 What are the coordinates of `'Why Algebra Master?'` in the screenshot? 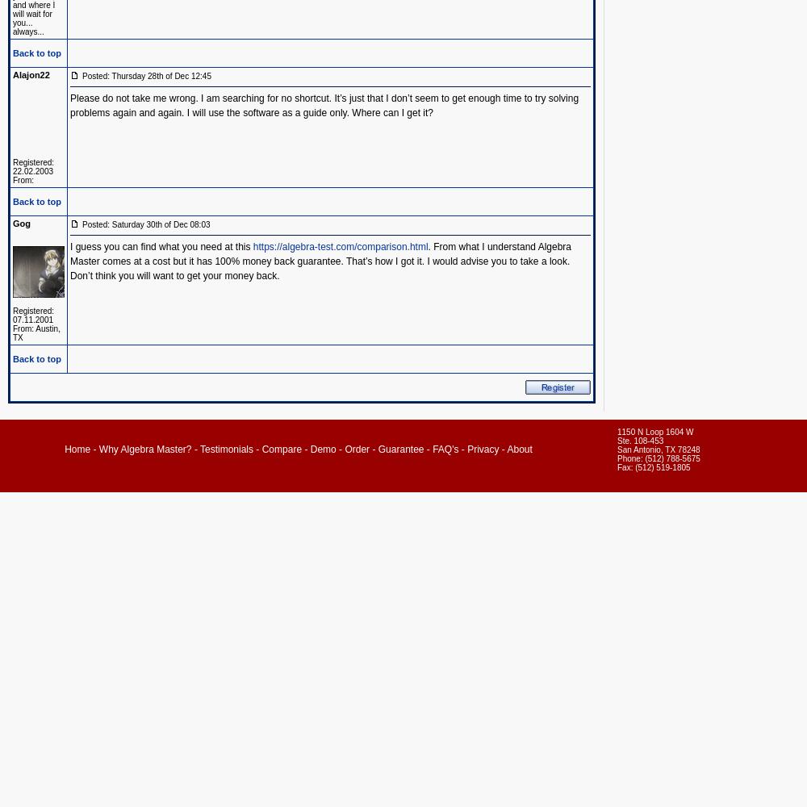 It's located at (144, 449).